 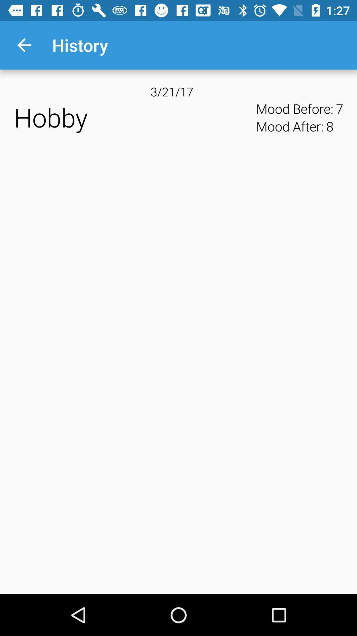 What do you see at coordinates (330, 126) in the screenshot?
I see `the icon next to 7 item` at bounding box center [330, 126].